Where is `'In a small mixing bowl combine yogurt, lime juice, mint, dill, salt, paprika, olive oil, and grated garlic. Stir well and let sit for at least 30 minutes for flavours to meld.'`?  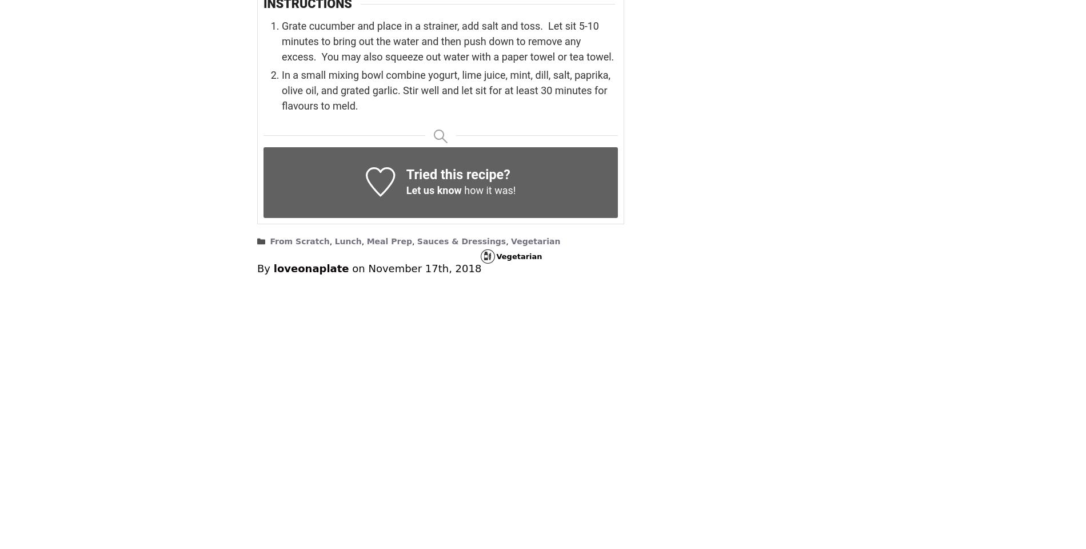
'In a small mixing bowl combine yogurt, lime juice, mint, dill, salt, paprika, olive oil, and grated garlic. Stir well and let sit for at least 30 minutes for flavours to meld.' is located at coordinates (282, 90).